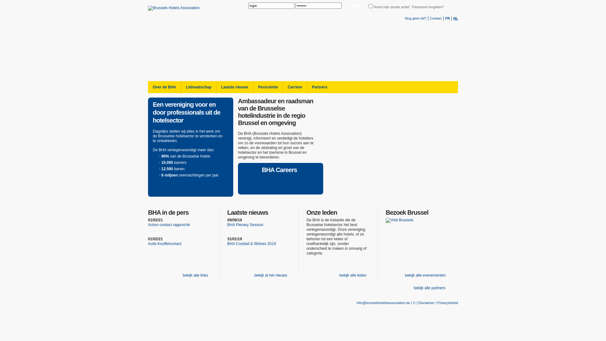 This screenshot has height=341, width=606. I want to click on 'Laatste nieuws', so click(234, 87).